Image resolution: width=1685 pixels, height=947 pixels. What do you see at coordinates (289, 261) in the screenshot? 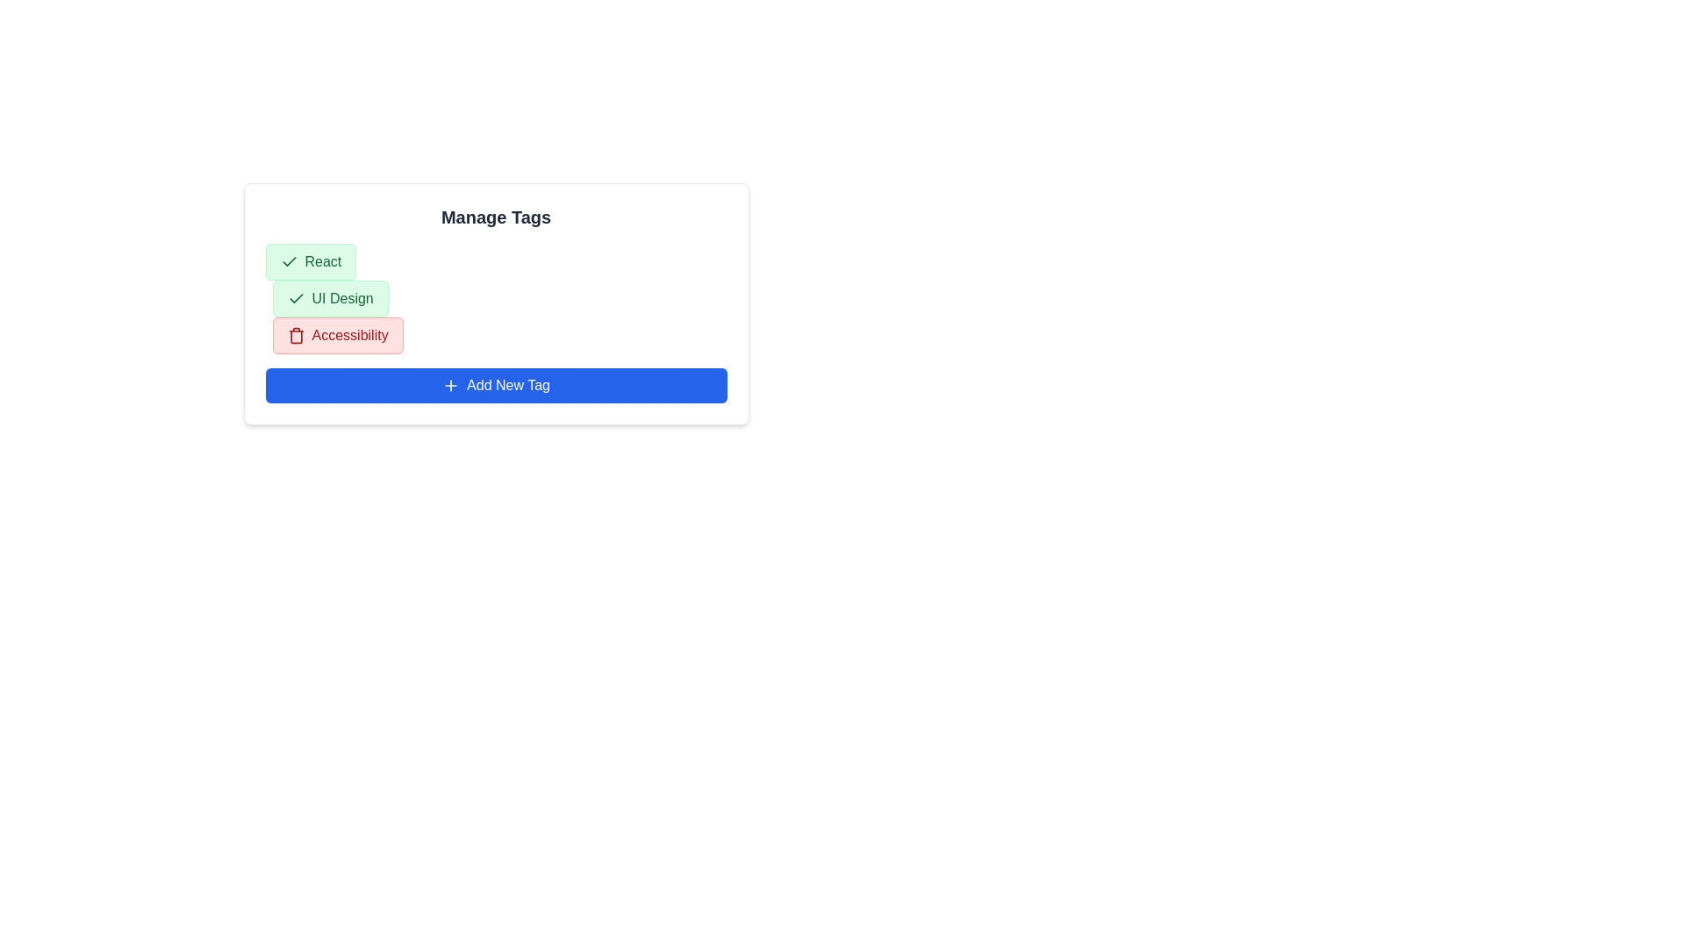
I see `the appearance of the checkmark icon that indicates the 'UI Design' tag is selected, located near the left edge of the green rectangular tag` at bounding box center [289, 261].